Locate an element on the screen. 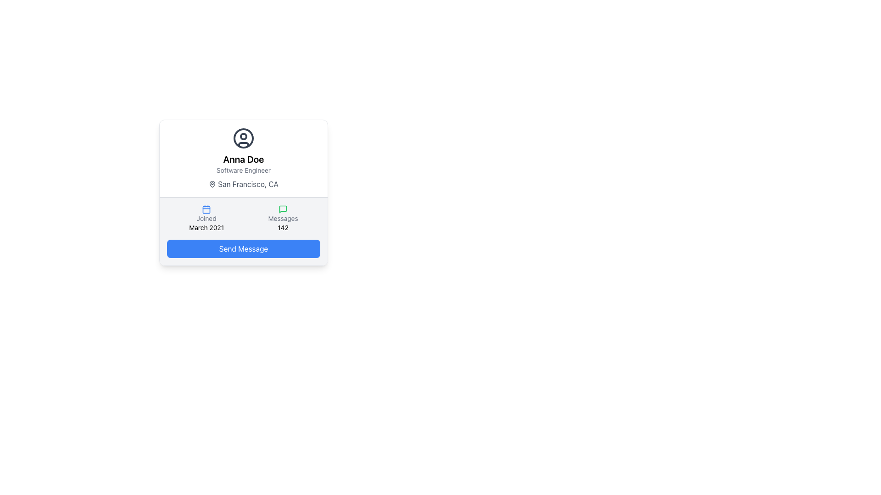 The image size is (881, 495). the speech bubble icon located on the right side of the section at the bottom of a card layout, near the 'Messages' text is located at coordinates (283, 209).